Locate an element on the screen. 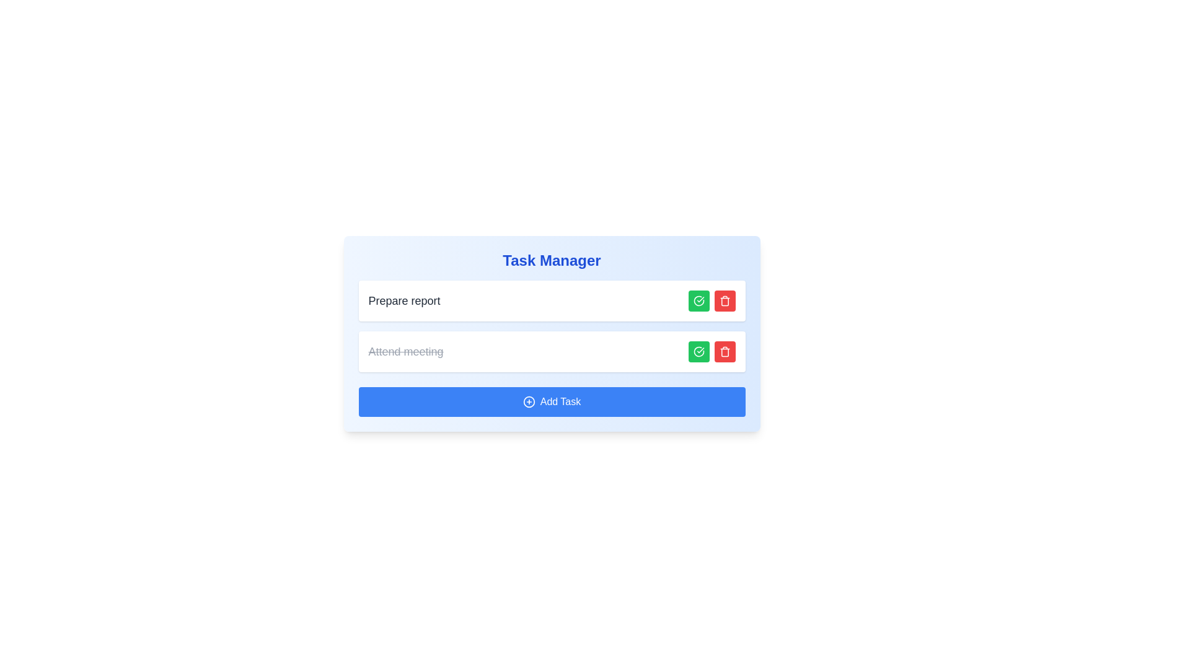 This screenshot has height=669, width=1190. the appearance of the circular '+' icon with a blue background located on the left side of the 'Add Task' button is located at coordinates (529, 401).